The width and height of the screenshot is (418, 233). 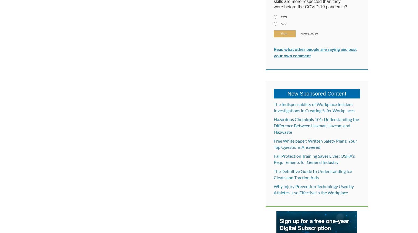 What do you see at coordinates (309, 34) in the screenshot?
I see `'View Results'` at bounding box center [309, 34].